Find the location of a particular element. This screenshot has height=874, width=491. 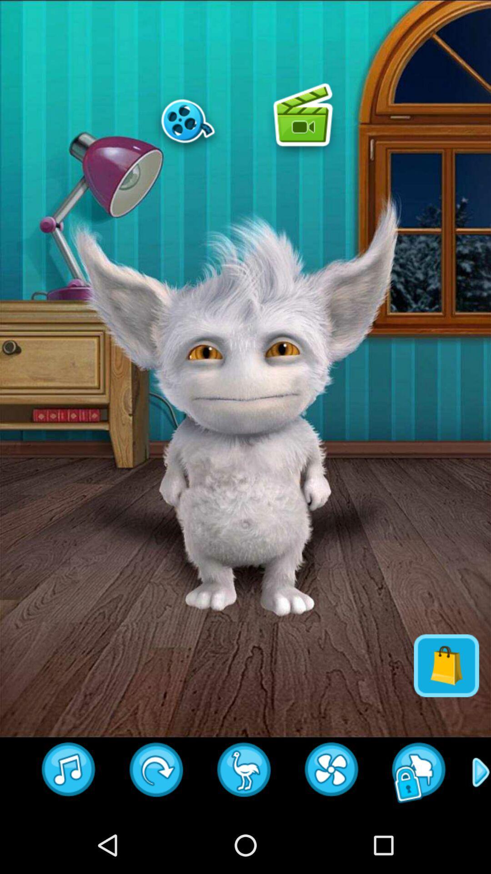

the cart icon is located at coordinates (244, 827).